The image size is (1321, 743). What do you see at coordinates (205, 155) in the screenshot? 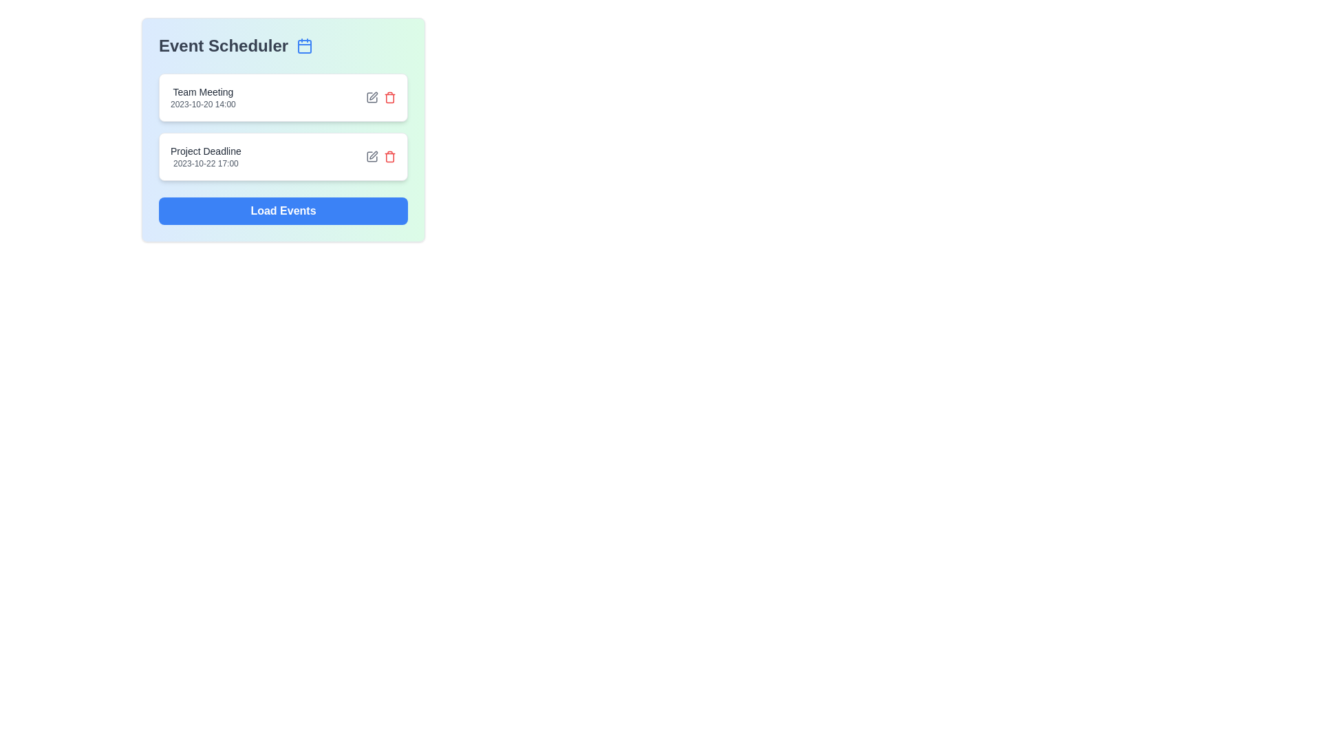
I see `information displayed in the 'Project Deadline' text label, which shows the event title and its scheduled time. This label is located within a card layout, below the 'Team Meeting' entry` at bounding box center [205, 155].